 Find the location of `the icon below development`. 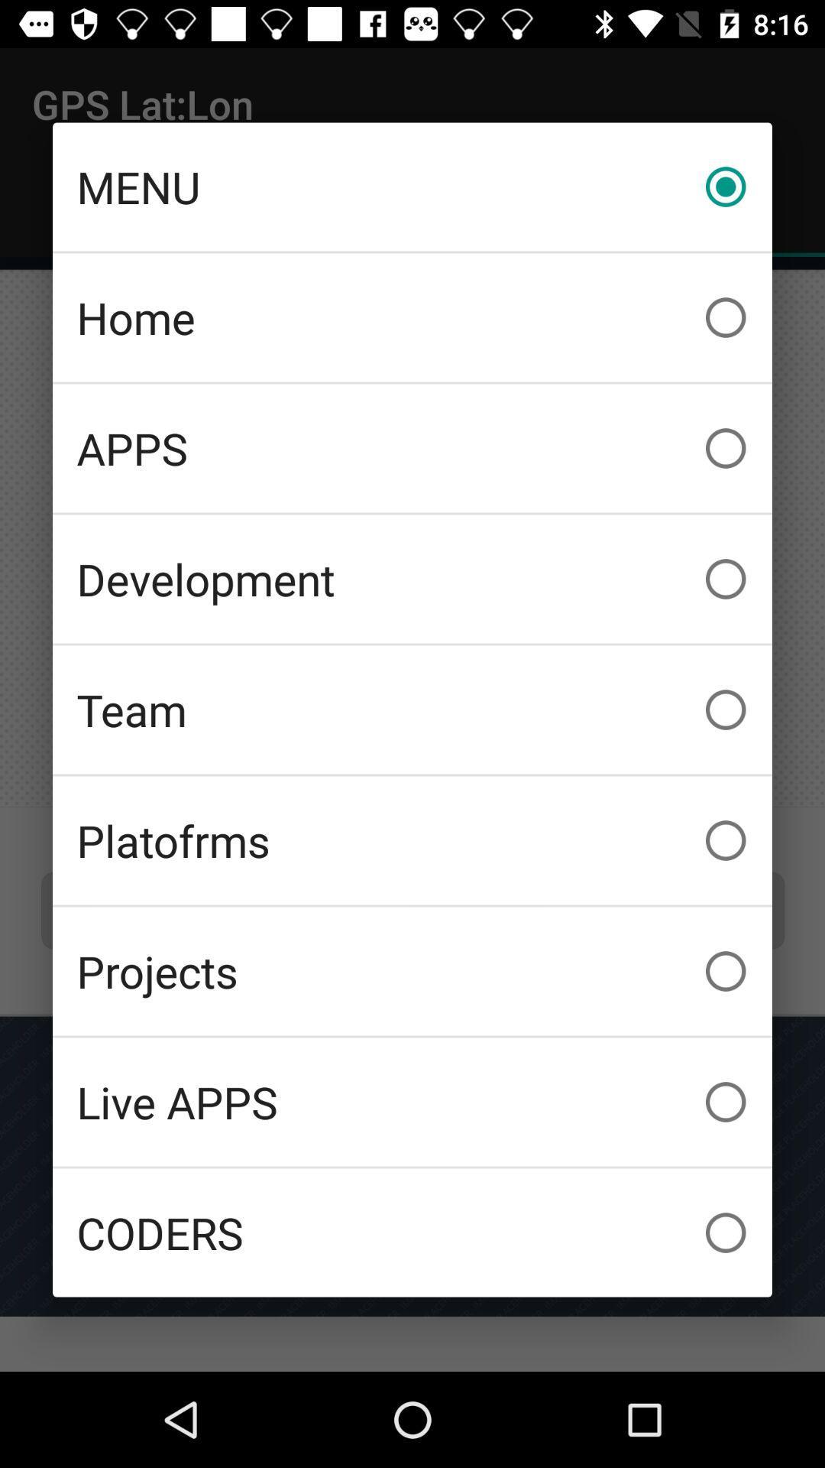

the icon below development is located at coordinates (412, 709).